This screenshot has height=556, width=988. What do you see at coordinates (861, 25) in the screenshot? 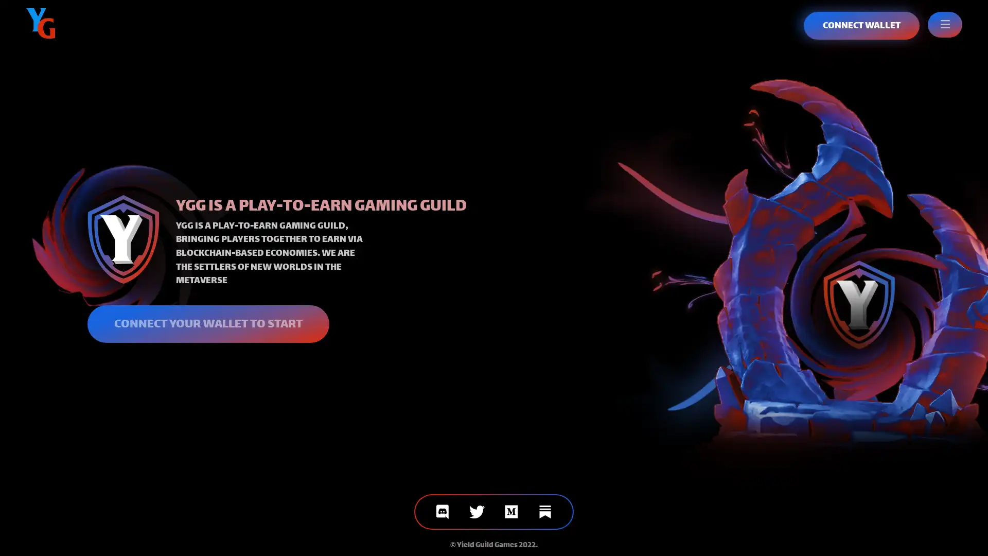
I see `CONNECT WALLET` at bounding box center [861, 25].